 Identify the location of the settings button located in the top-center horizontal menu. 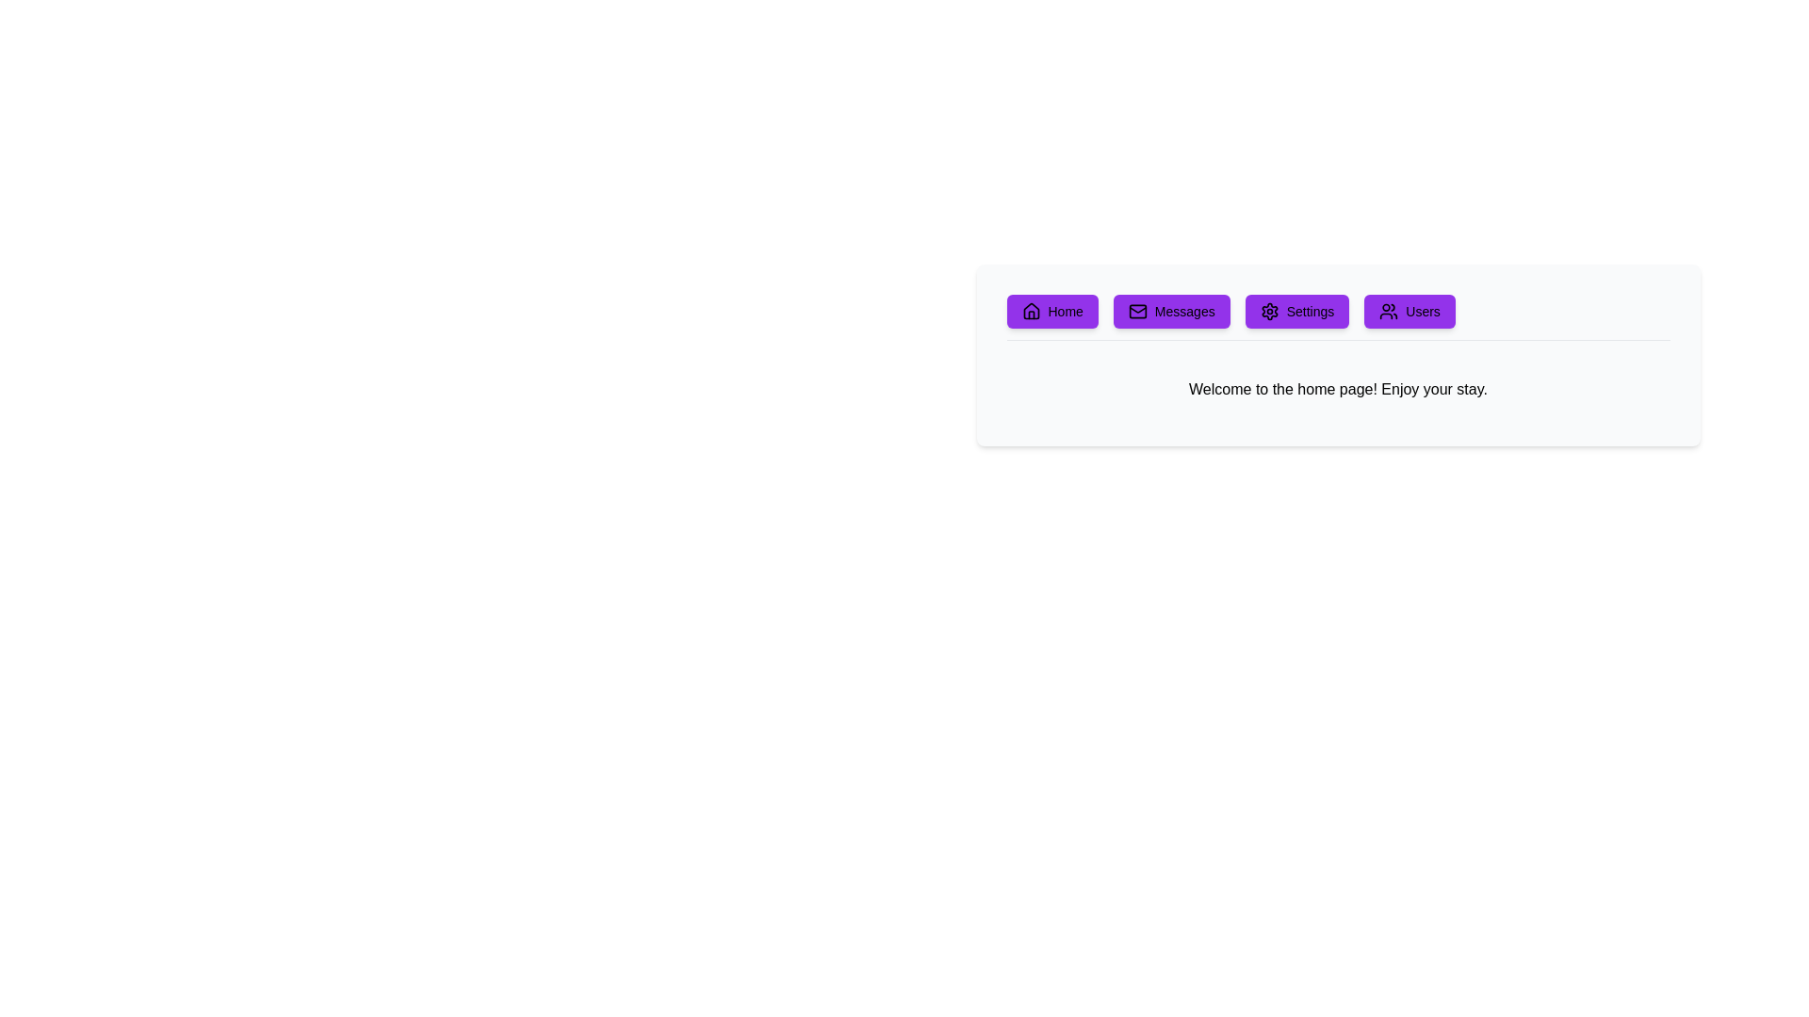
(1296, 311).